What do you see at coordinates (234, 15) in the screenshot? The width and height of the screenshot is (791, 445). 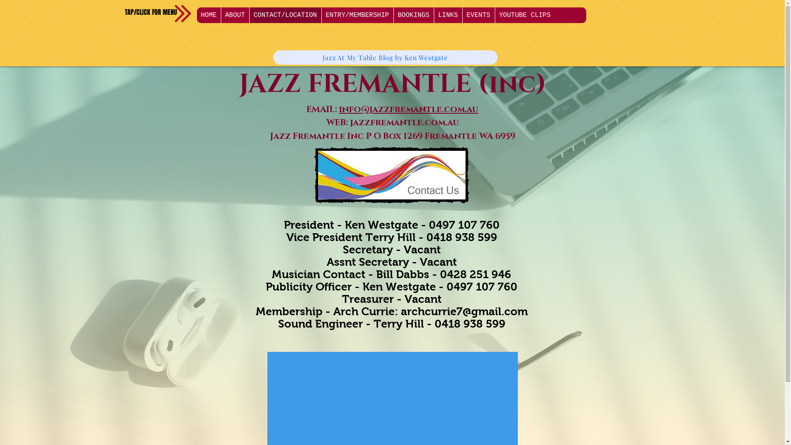 I see `'ABOUT'` at bounding box center [234, 15].